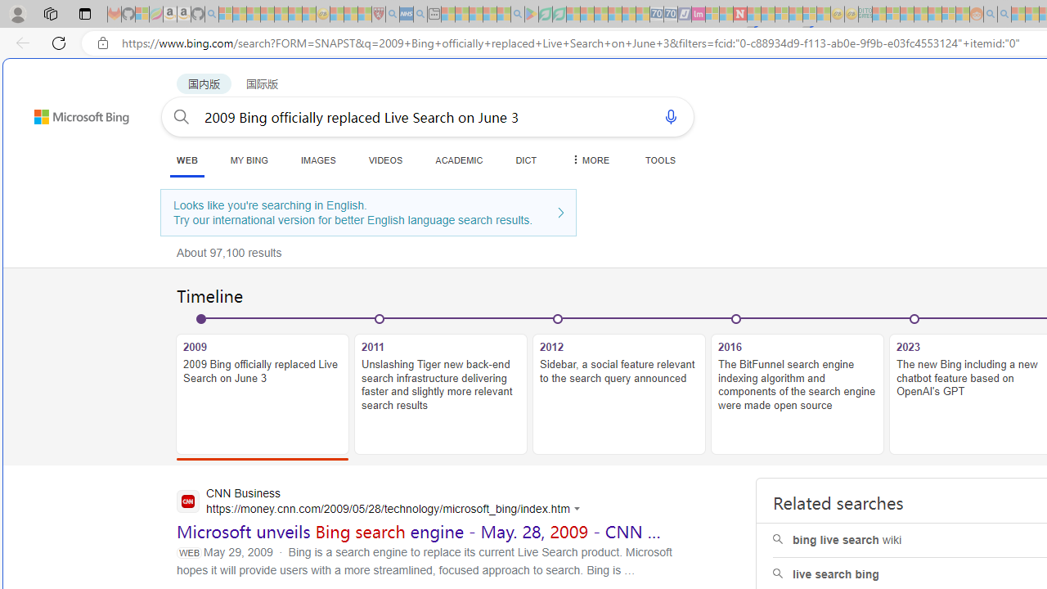 This screenshot has width=1047, height=589. What do you see at coordinates (248, 160) in the screenshot?
I see `'MY BING'` at bounding box center [248, 160].